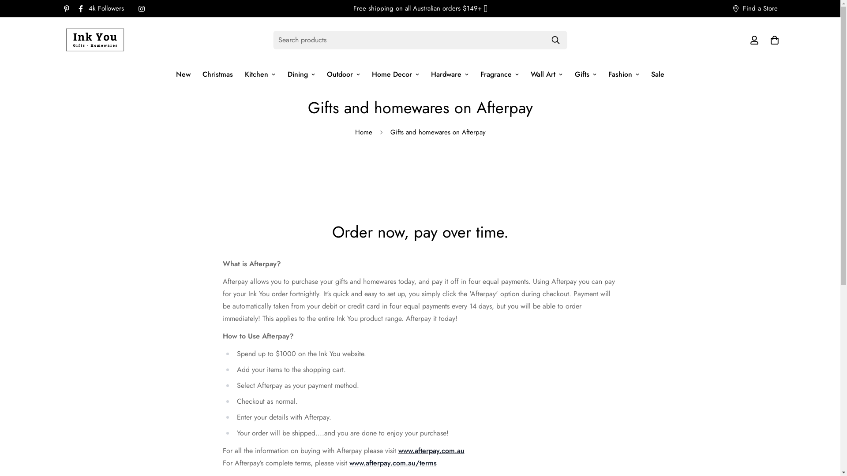 The height and width of the screenshot is (476, 847). I want to click on 'Find a Store', so click(725, 8).